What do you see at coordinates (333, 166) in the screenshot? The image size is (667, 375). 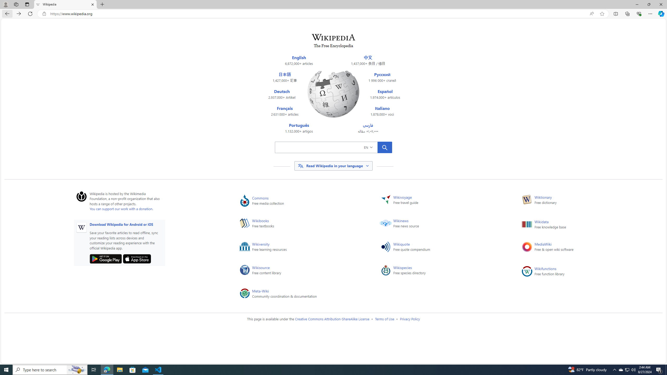 I see `'Read Wikipedia in your language '` at bounding box center [333, 166].